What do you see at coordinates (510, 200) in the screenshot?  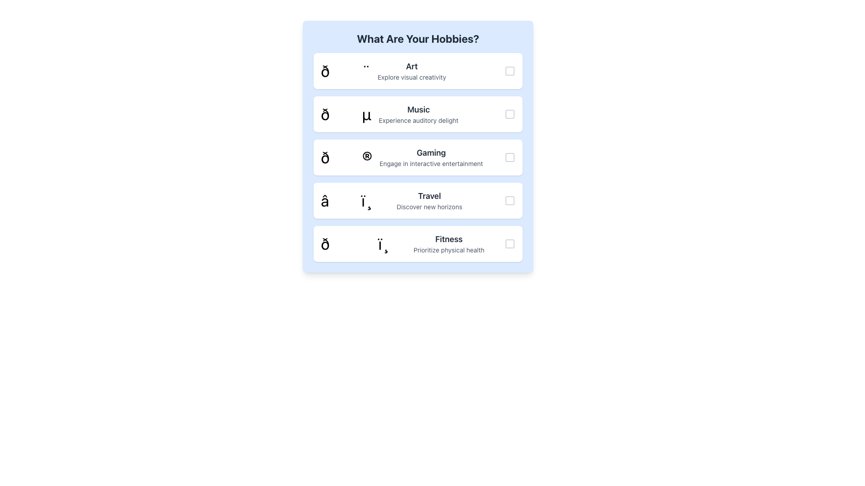 I see `the checkbox located in the top-right corner of the 'Travel' card` at bounding box center [510, 200].